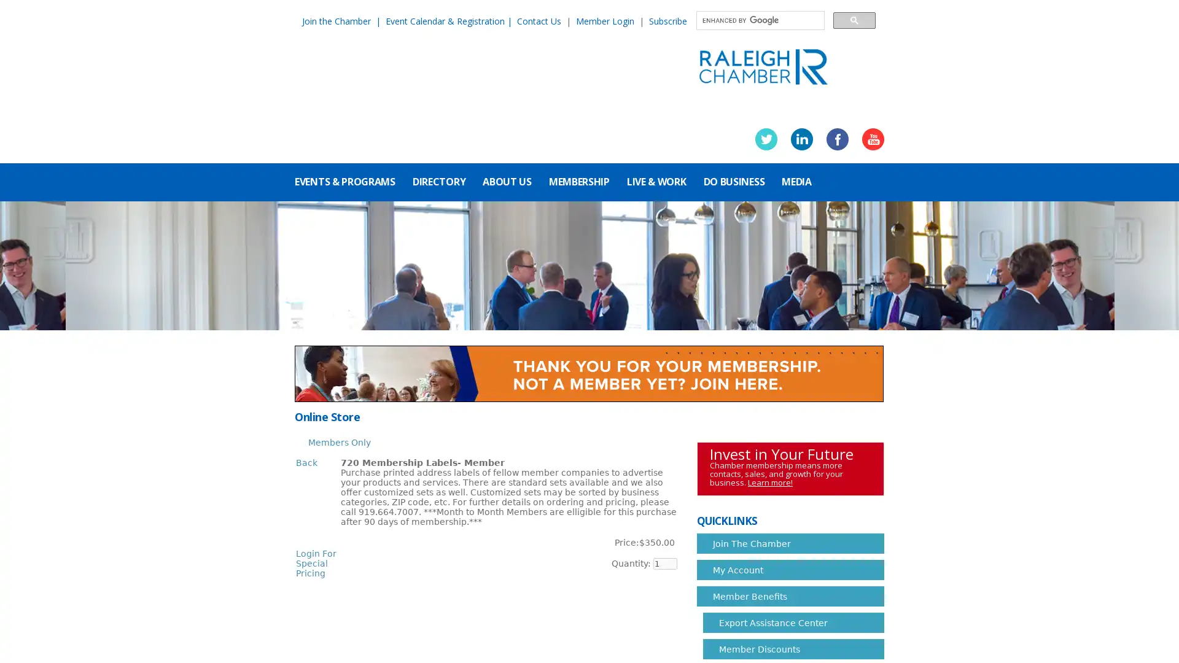 Image resolution: width=1179 pixels, height=663 pixels. I want to click on search, so click(854, 20).